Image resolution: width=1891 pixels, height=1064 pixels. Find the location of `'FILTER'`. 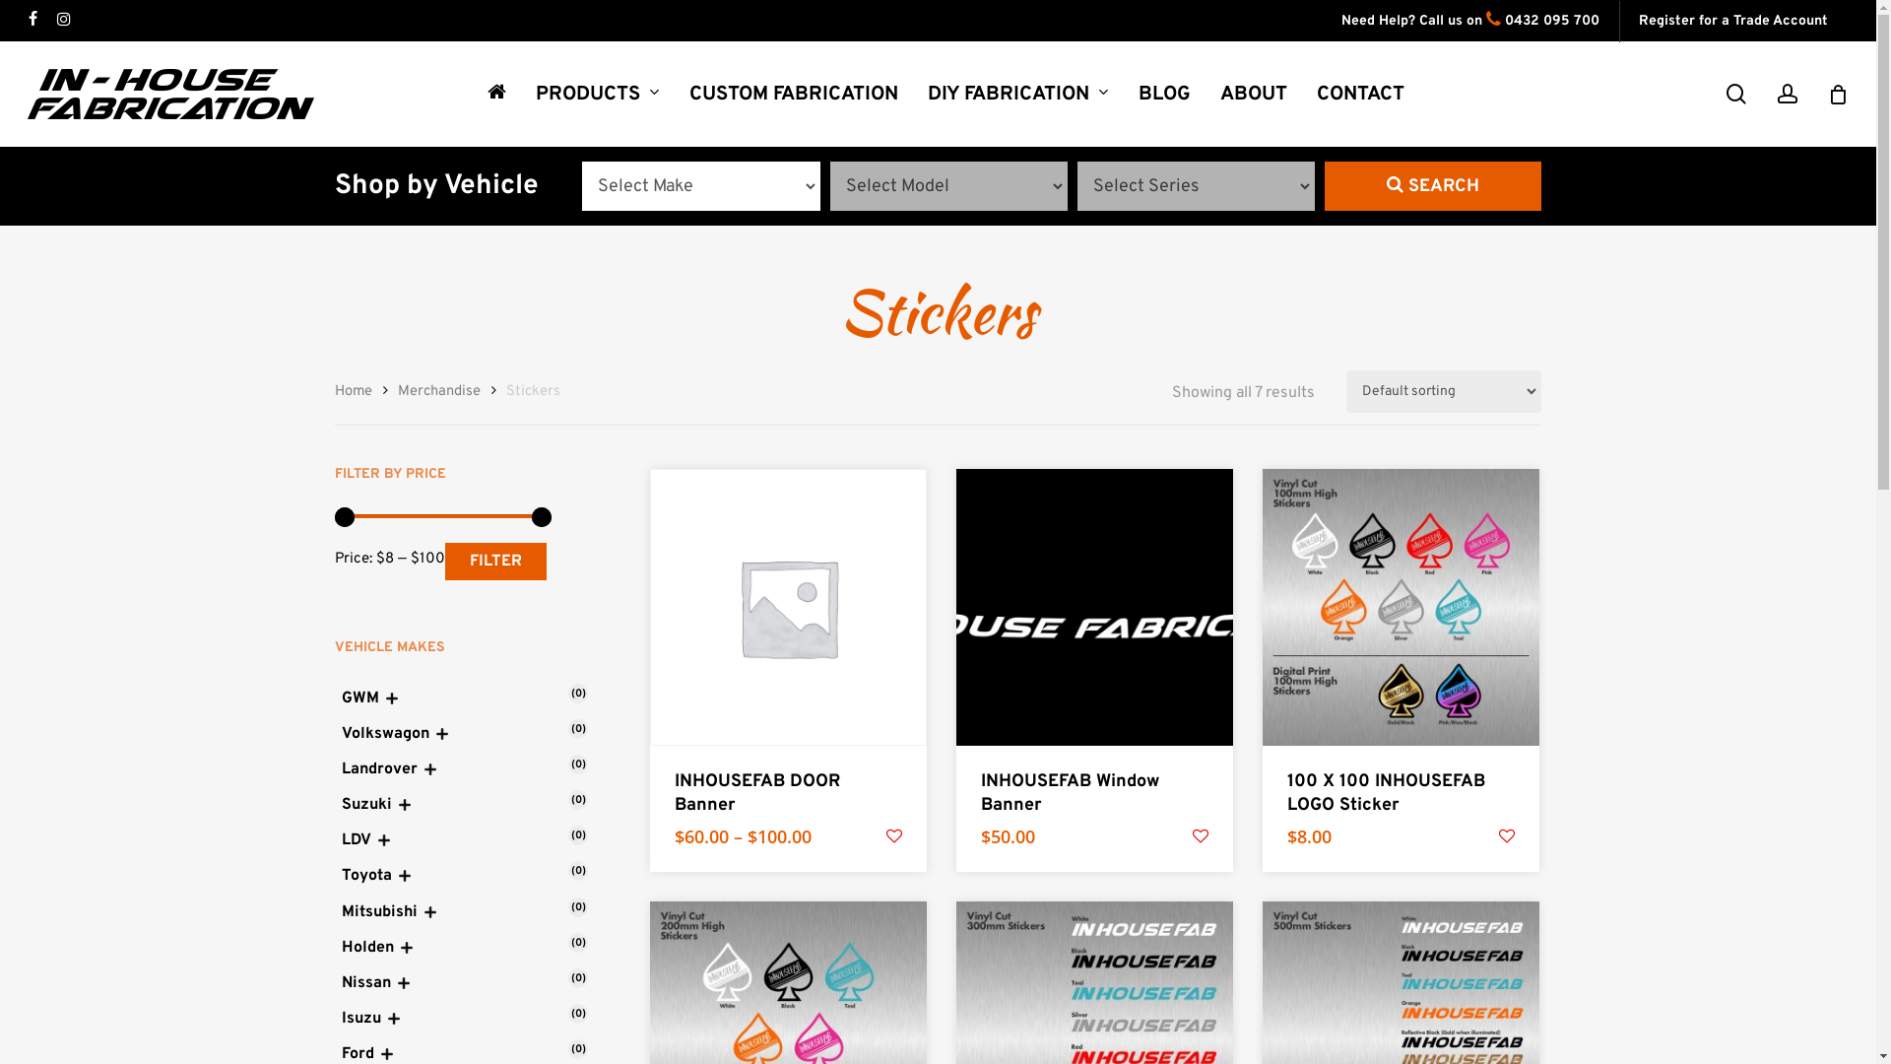

'FILTER' is located at coordinates (495, 562).